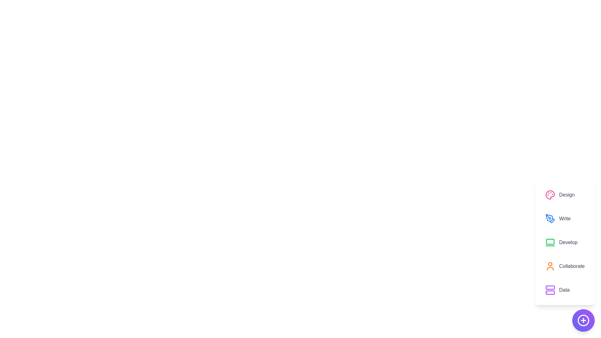  Describe the element at coordinates (550, 290) in the screenshot. I see `the icon corresponding to Data to view additional details` at that location.